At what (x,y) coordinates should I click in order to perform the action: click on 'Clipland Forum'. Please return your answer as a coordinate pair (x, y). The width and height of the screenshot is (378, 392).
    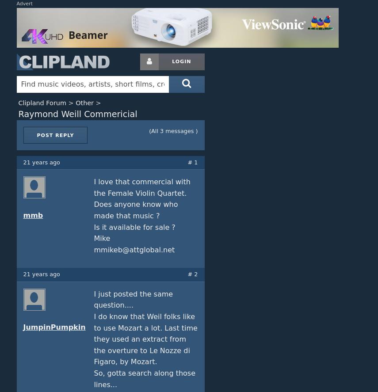
    Looking at the image, I should click on (42, 103).